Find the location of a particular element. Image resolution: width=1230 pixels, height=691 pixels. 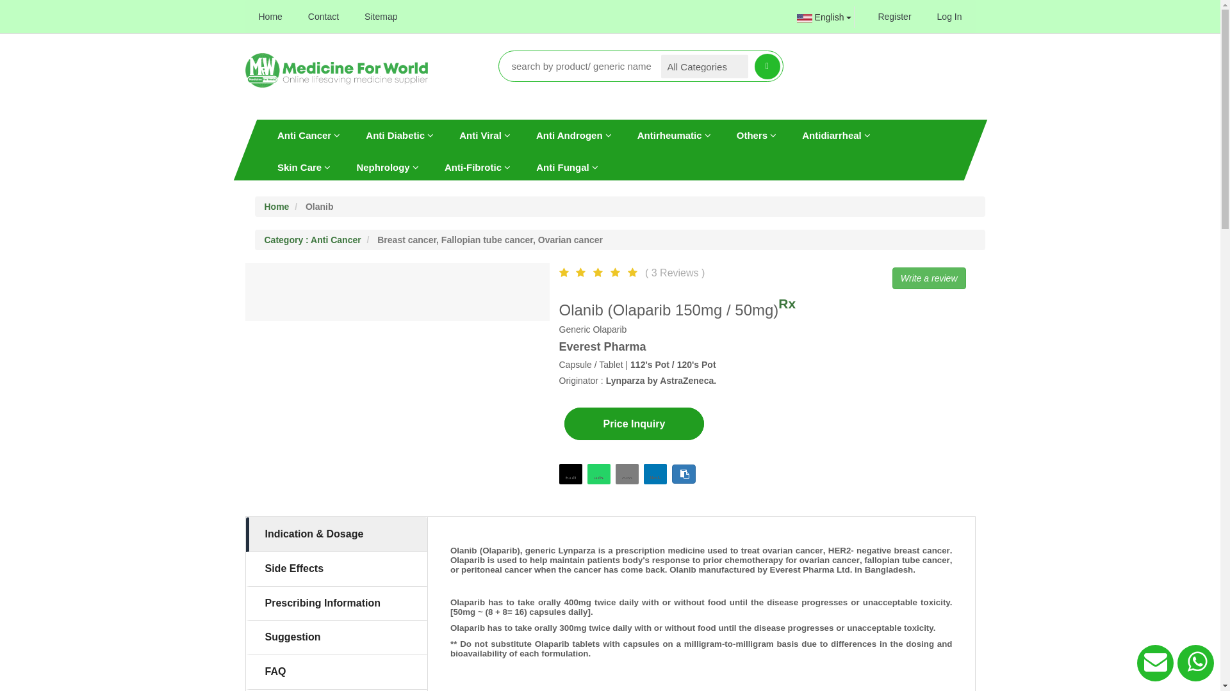

'Log In' is located at coordinates (949, 17).